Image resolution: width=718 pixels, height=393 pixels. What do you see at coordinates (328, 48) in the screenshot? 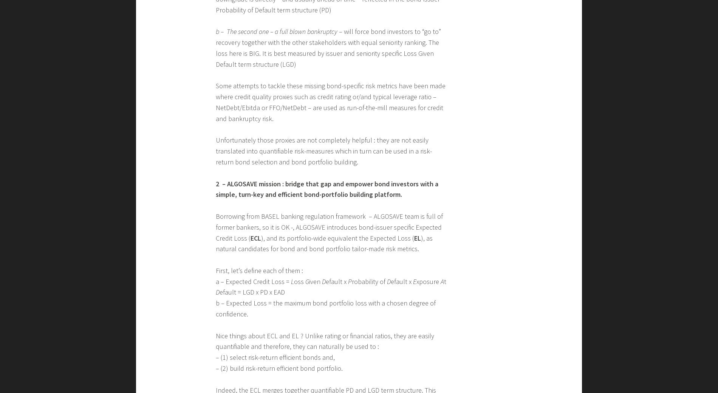
I see `'– will force bond investors to “go to” recovery together with the other stakeholders with equal seniority ranking. The loss here is BIG. It is best measured by issuer and seniority specific Loss Given Default term structure (LGD)'` at bounding box center [328, 48].